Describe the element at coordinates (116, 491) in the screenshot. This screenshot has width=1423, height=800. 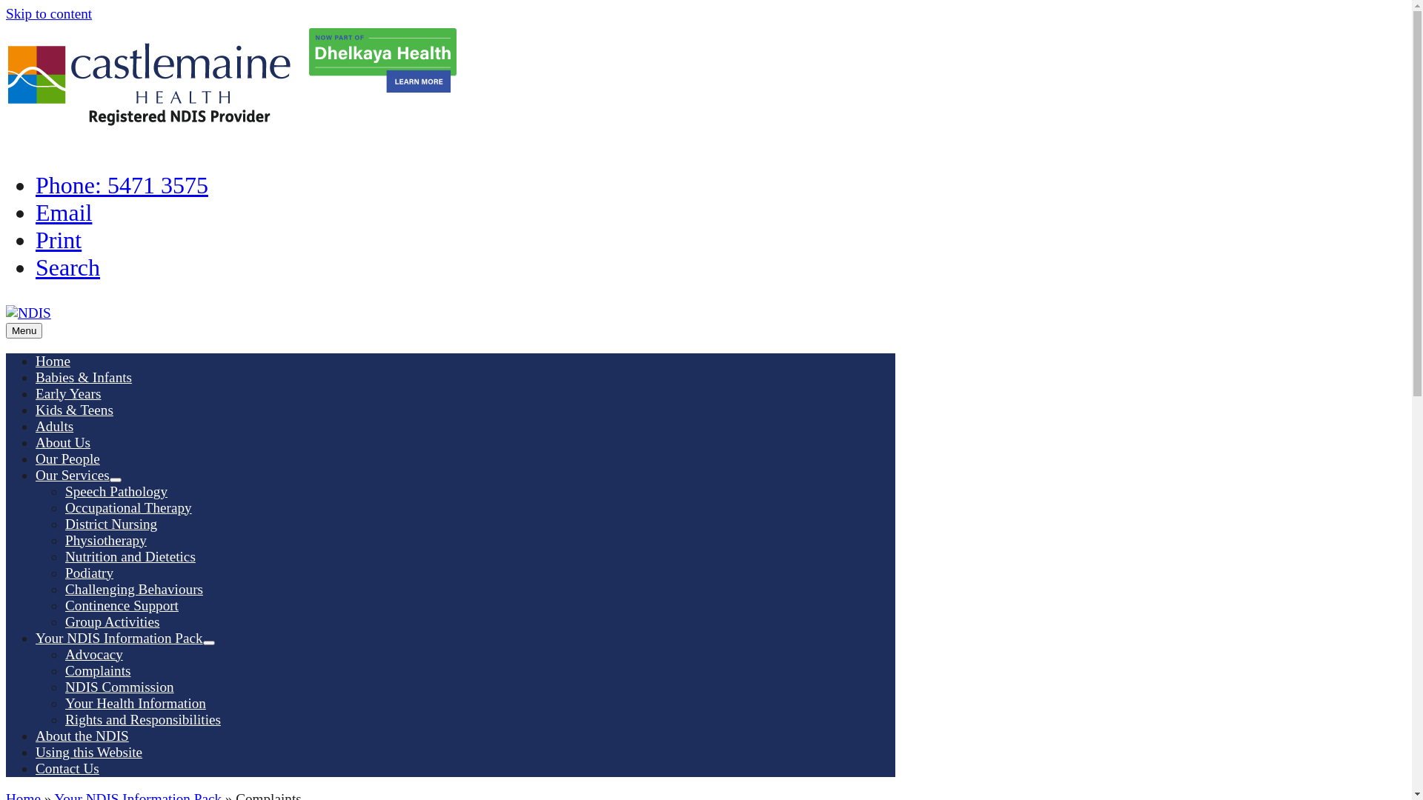
I see `'Speech Pathology'` at that location.